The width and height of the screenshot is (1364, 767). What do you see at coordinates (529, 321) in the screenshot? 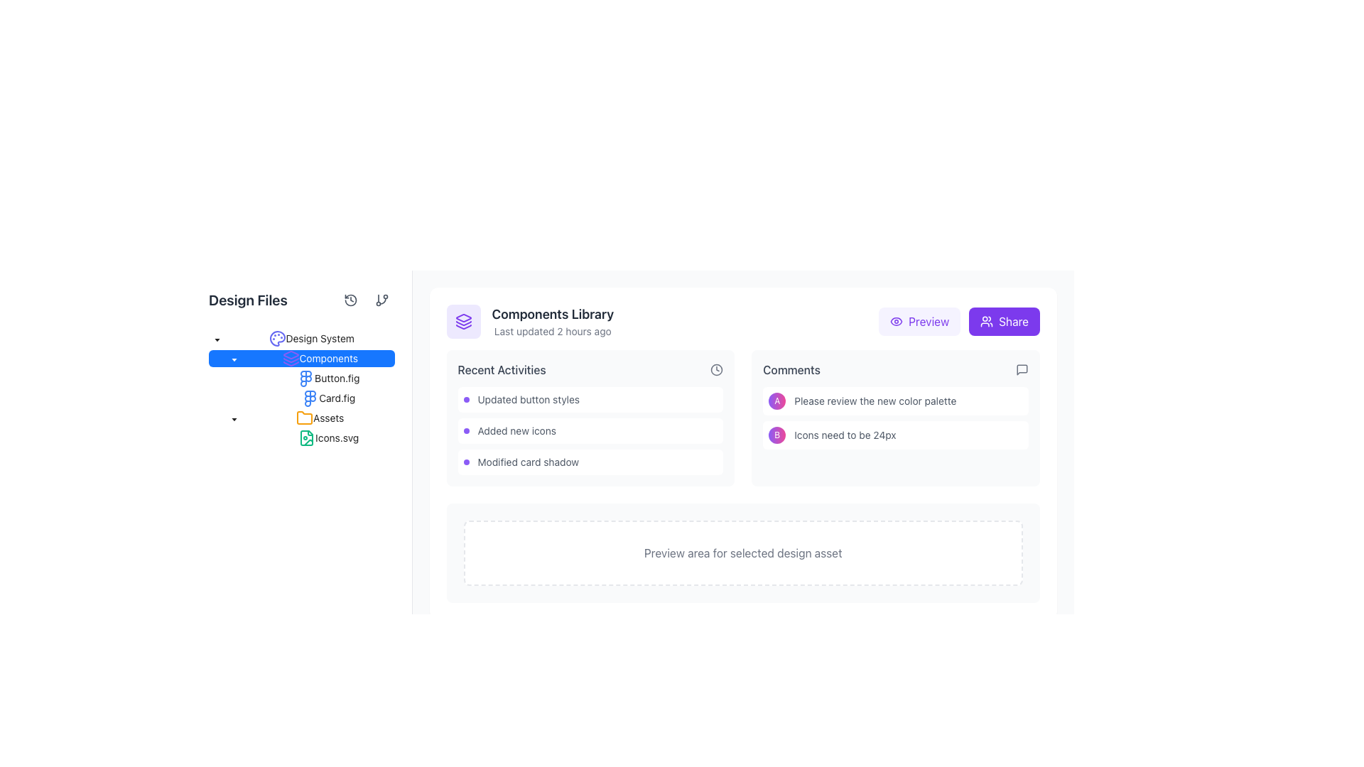
I see `text content of the Informational Panel displaying 'Components Library' and 'Last updated 2 hours ago', located near the top of the main content area at the specified coordinates` at bounding box center [529, 321].